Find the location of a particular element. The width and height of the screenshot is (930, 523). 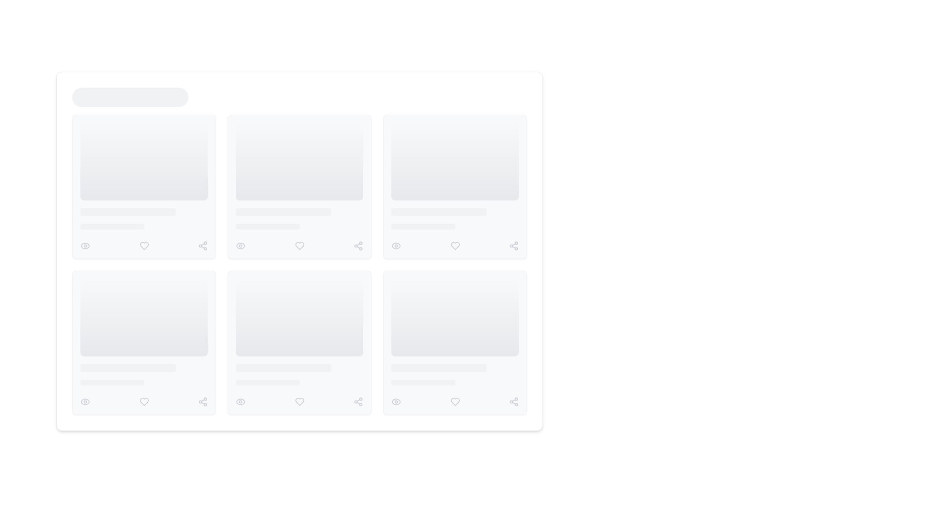

the 'Share' button icon located at the bottom right corner of the card is located at coordinates (357, 401).